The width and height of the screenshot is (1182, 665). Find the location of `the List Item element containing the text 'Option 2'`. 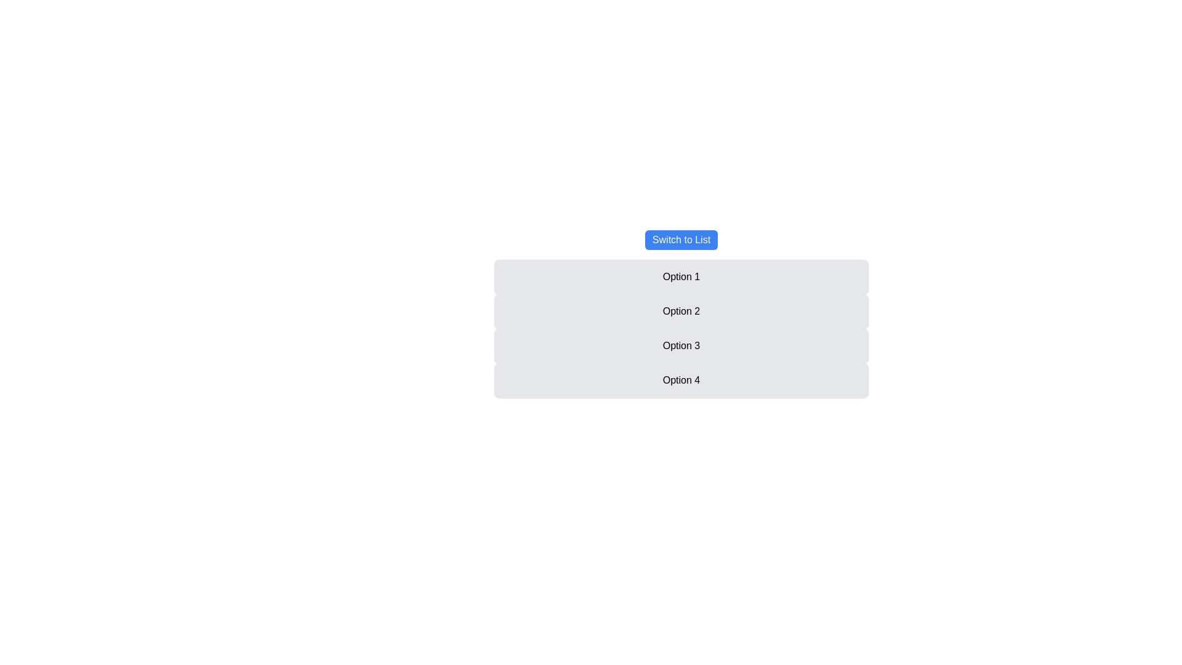

the List Item element containing the text 'Option 2' is located at coordinates (681, 313).